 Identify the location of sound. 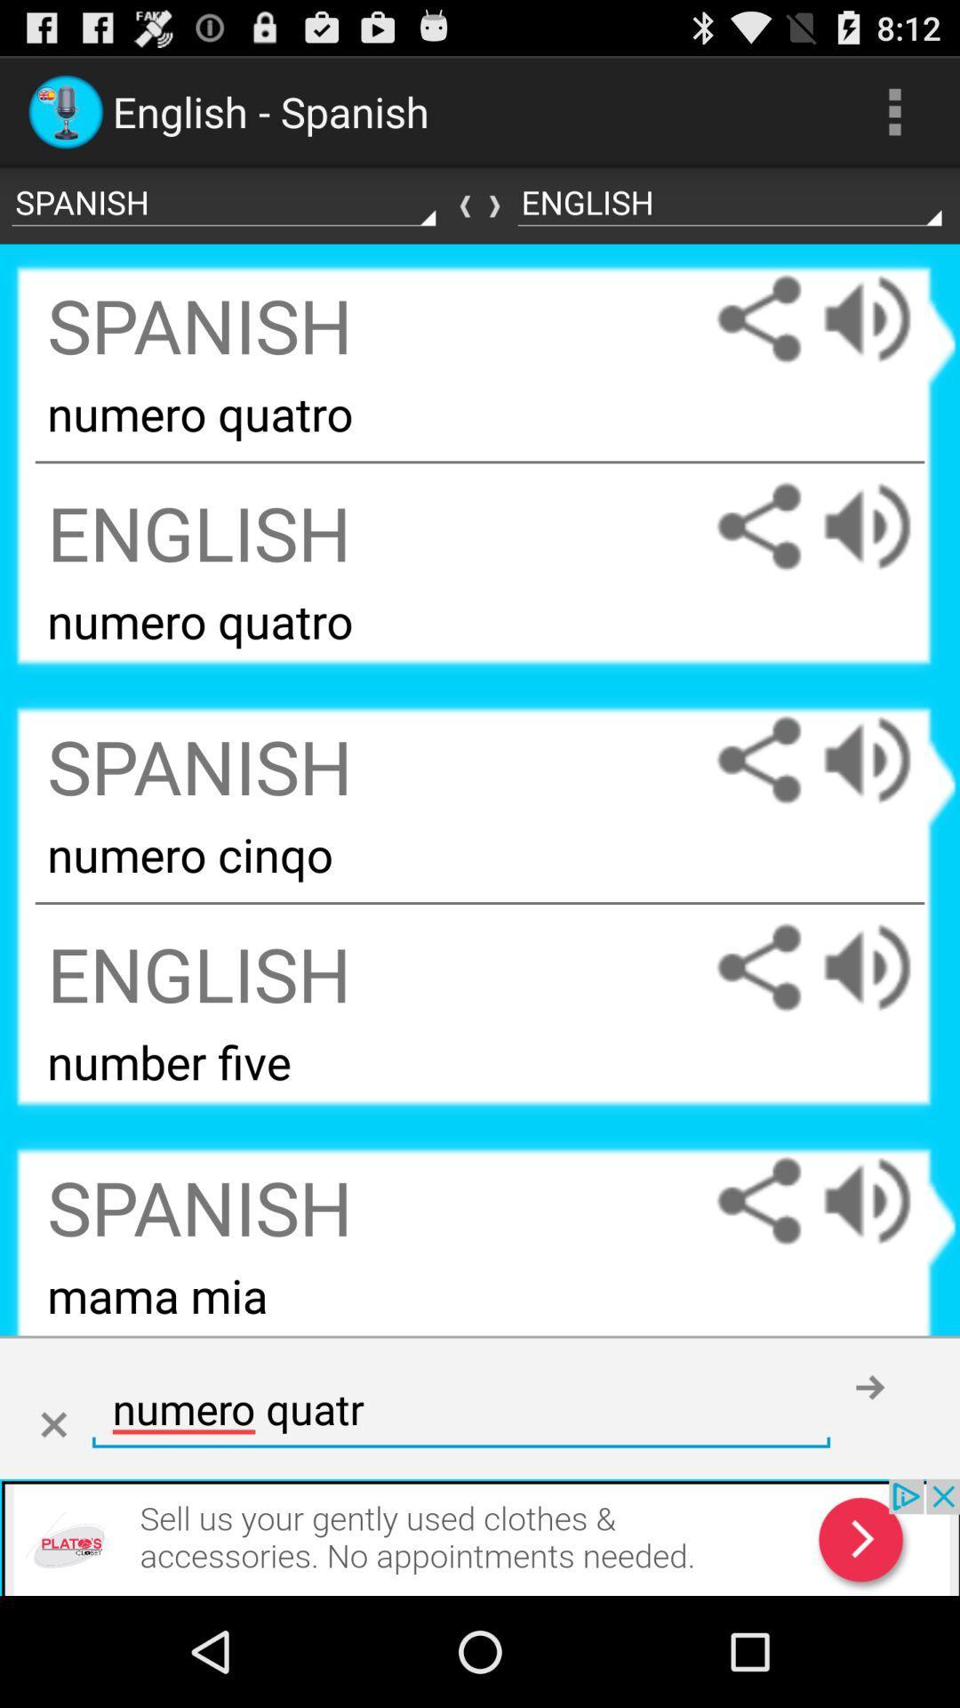
(884, 760).